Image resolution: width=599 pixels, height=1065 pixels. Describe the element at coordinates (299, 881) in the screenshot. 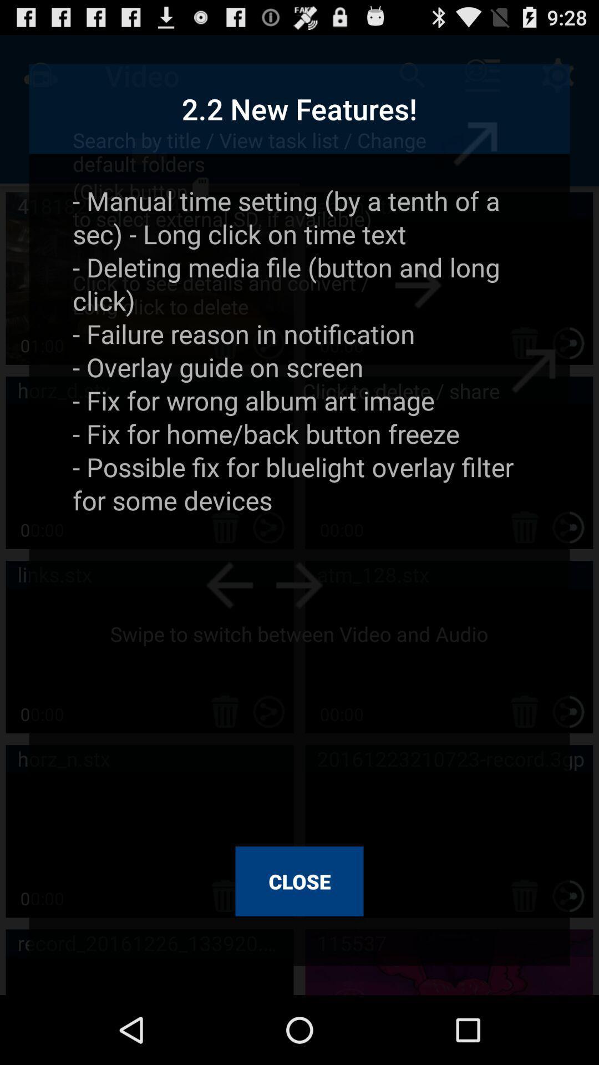

I see `item below the manual time setting` at that location.